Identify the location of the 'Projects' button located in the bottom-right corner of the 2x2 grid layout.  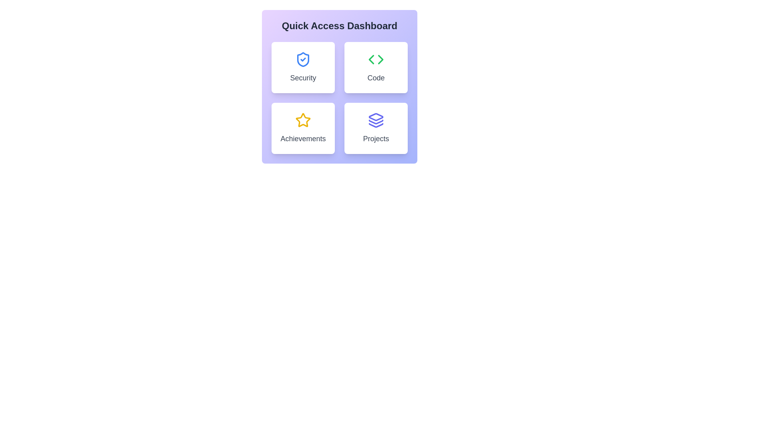
(376, 128).